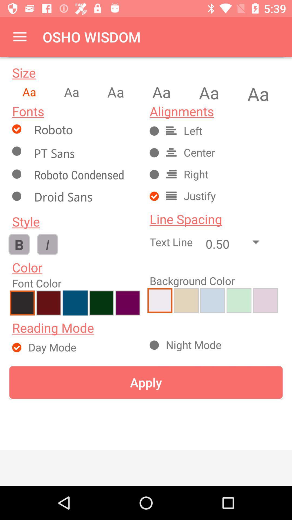 This screenshot has width=292, height=520. Describe the element at coordinates (101, 303) in the screenshot. I see `font color` at that location.